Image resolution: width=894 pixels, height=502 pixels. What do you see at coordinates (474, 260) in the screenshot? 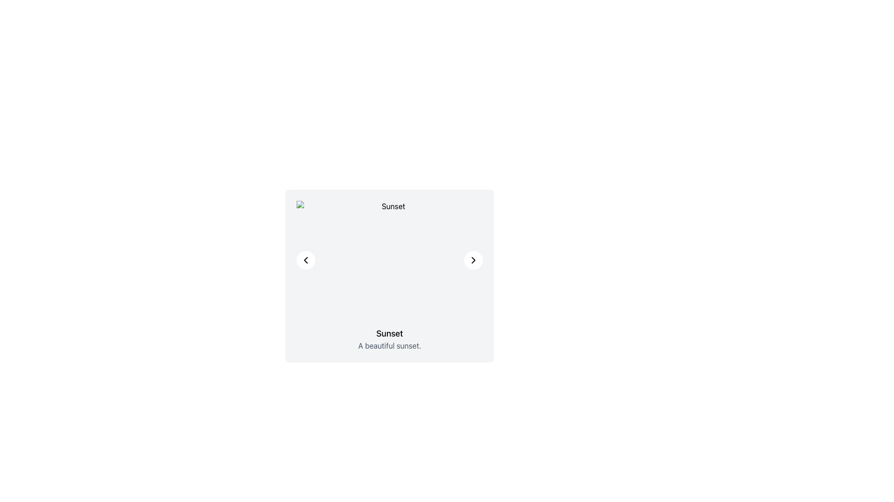
I see `the small right arrow icon located in the top-right section of the card layout, which is part of the navigation control` at bounding box center [474, 260].